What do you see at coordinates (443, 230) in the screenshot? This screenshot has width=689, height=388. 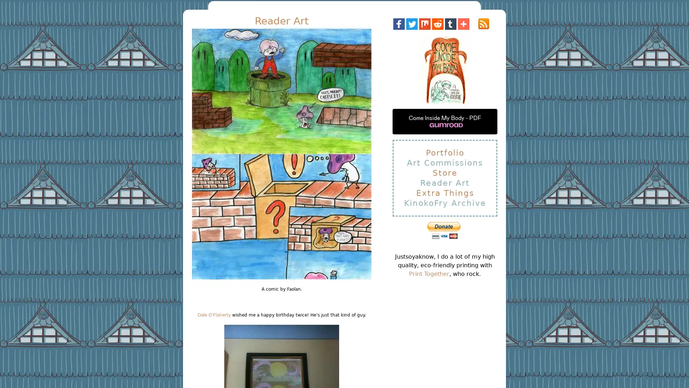 I see `PayPal - The safer, easier way to pay online.` at bounding box center [443, 230].